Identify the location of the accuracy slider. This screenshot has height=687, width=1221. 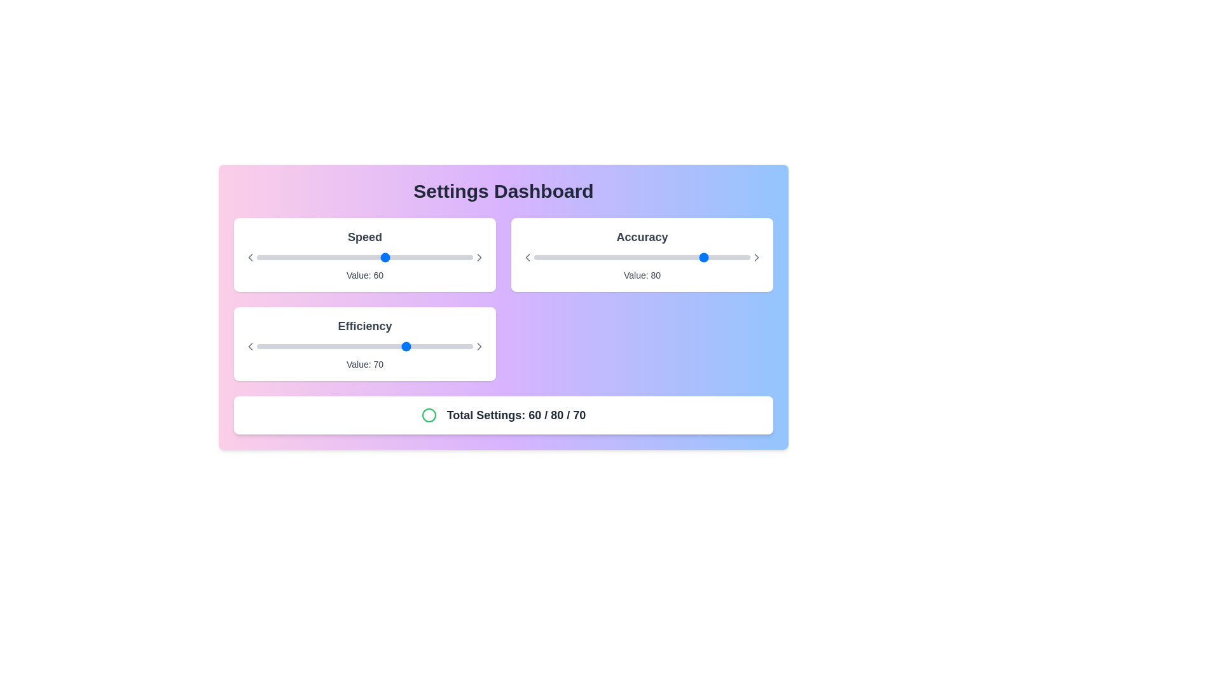
(659, 258).